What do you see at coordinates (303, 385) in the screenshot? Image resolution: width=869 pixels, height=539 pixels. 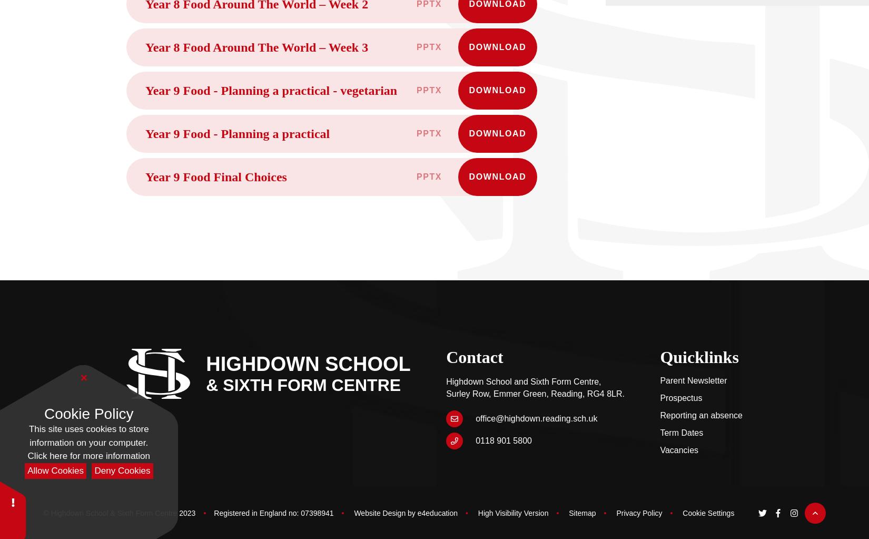 I see `'& Sixth Form Centre'` at bounding box center [303, 385].